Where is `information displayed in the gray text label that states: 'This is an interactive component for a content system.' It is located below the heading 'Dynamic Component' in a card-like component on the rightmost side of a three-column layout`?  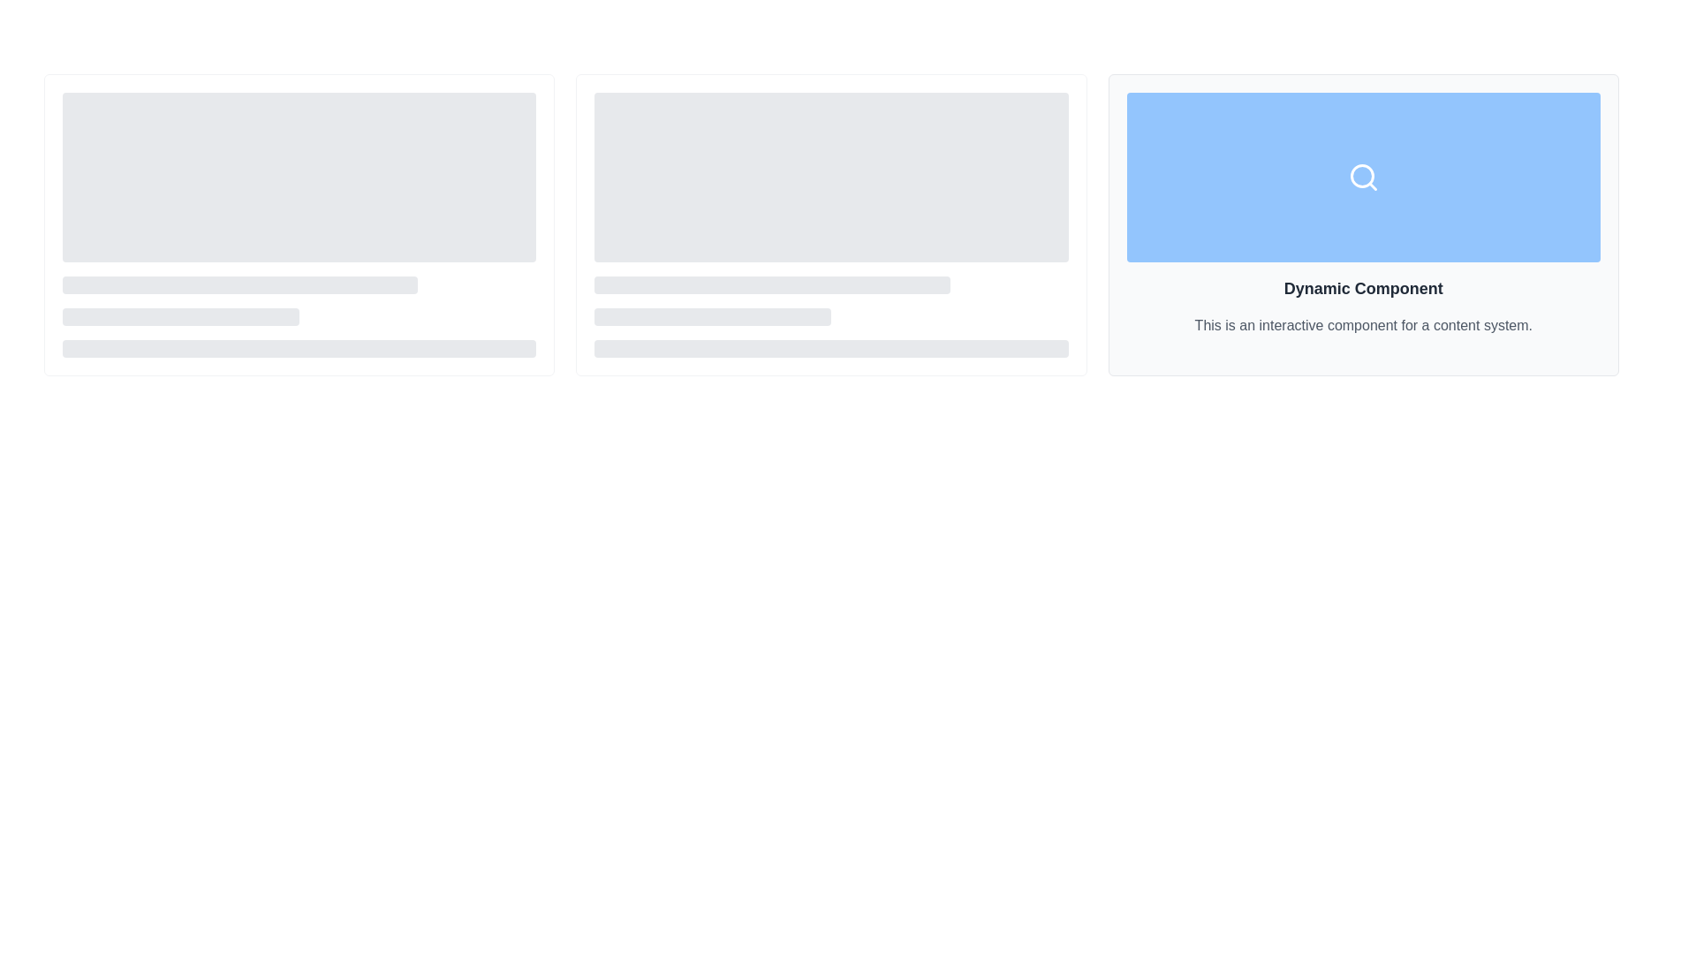 information displayed in the gray text label that states: 'This is an interactive component for a content system.' It is located below the heading 'Dynamic Component' in a card-like component on the rightmost side of a three-column layout is located at coordinates (1362, 326).